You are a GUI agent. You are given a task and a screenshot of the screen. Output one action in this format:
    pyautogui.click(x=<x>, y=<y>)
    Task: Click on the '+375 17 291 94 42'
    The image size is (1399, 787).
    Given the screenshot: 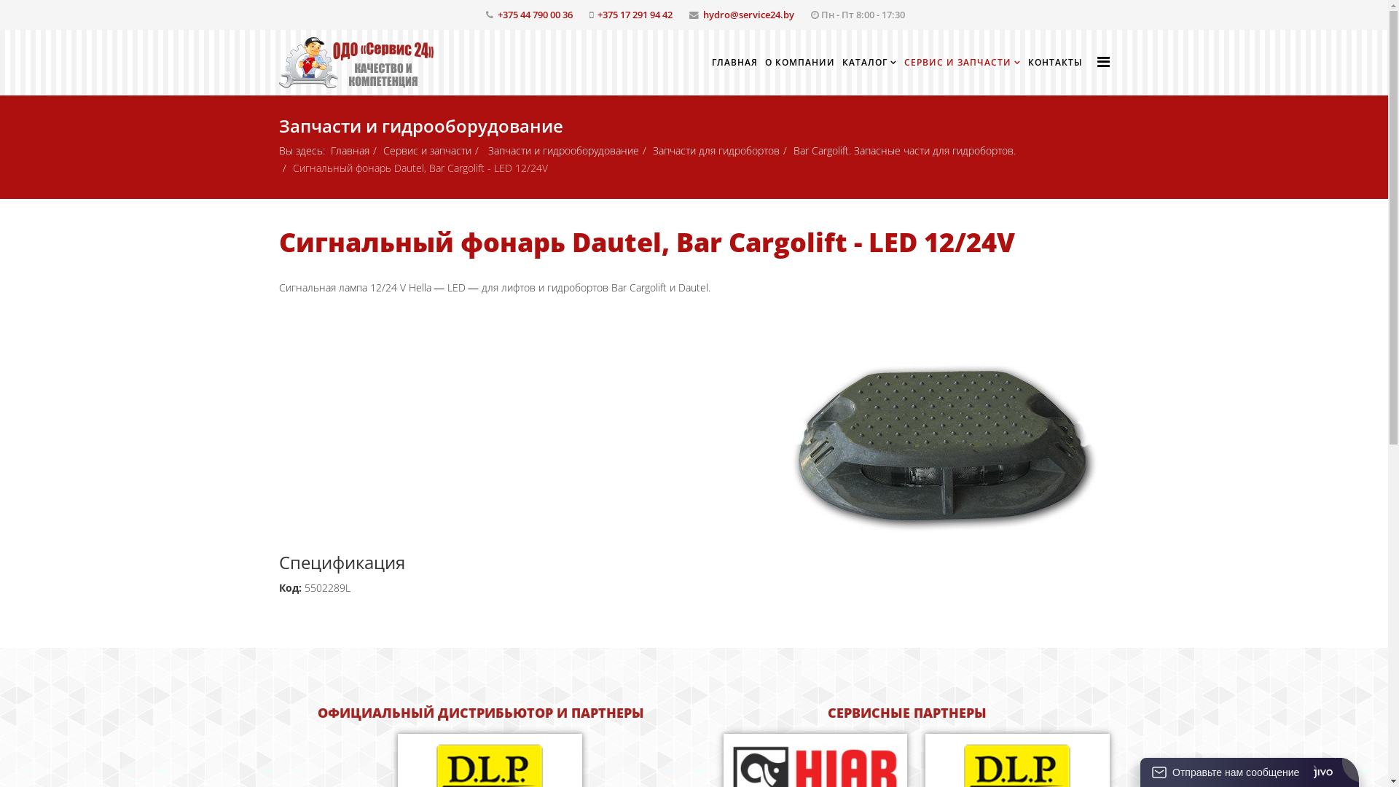 What is the action you would take?
    pyautogui.click(x=635, y=15)
    